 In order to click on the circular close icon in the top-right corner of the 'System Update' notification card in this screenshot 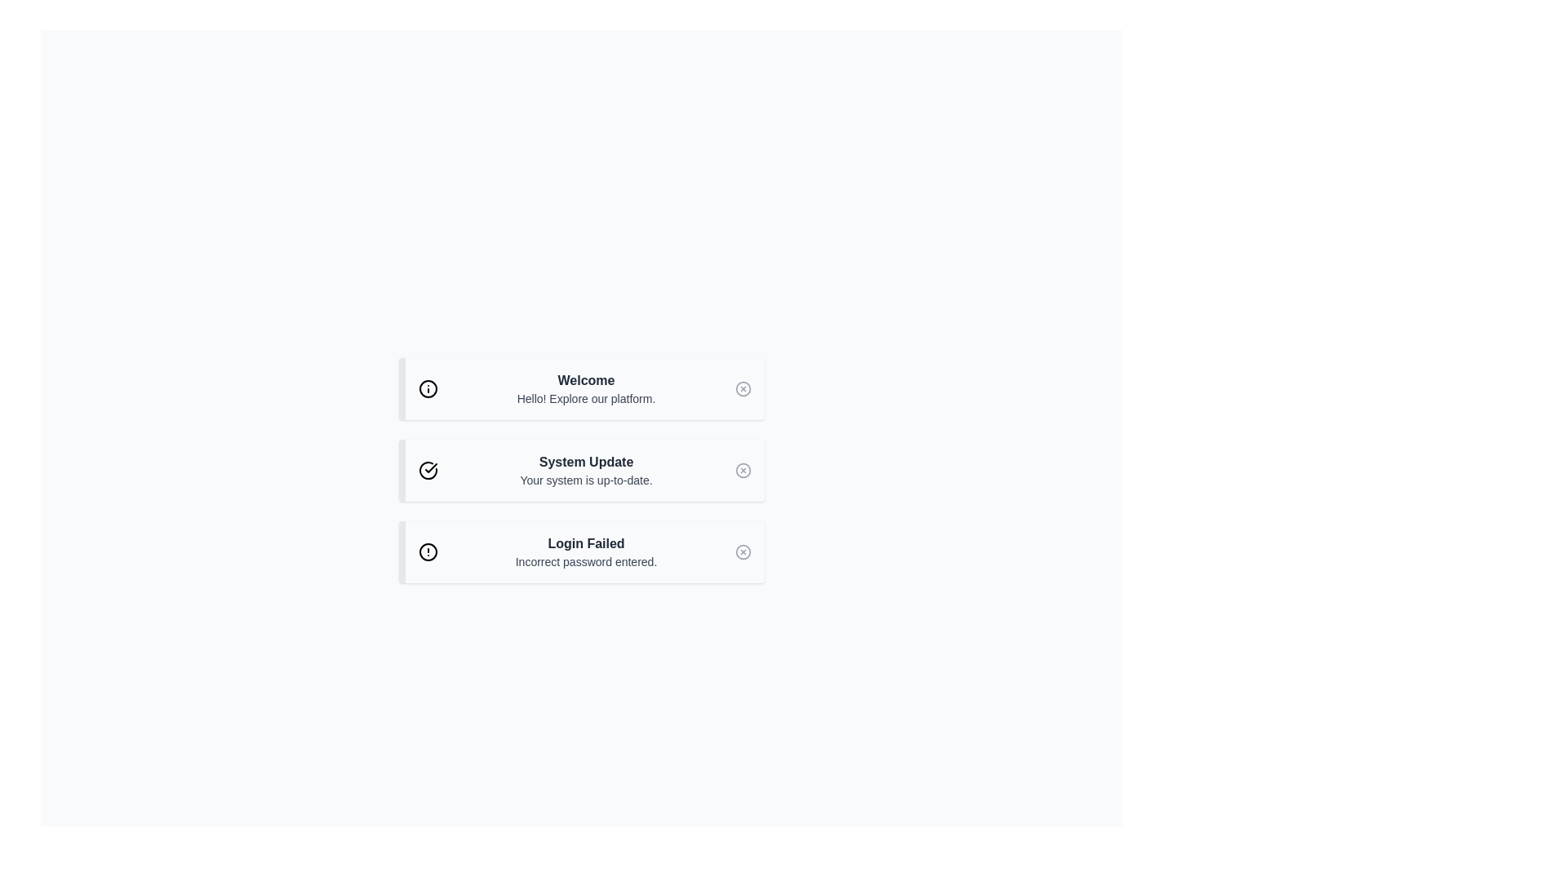, I will do `click(742, 471)`.